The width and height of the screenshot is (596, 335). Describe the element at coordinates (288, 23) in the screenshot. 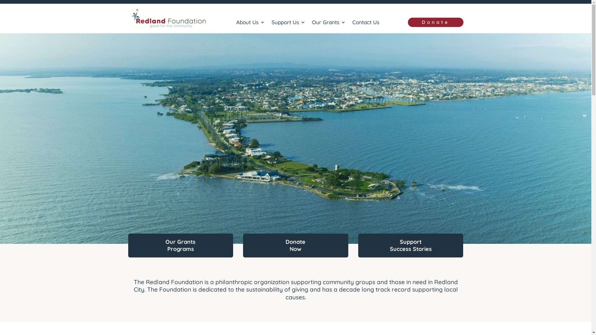

I see `'Support Us'` at that location.